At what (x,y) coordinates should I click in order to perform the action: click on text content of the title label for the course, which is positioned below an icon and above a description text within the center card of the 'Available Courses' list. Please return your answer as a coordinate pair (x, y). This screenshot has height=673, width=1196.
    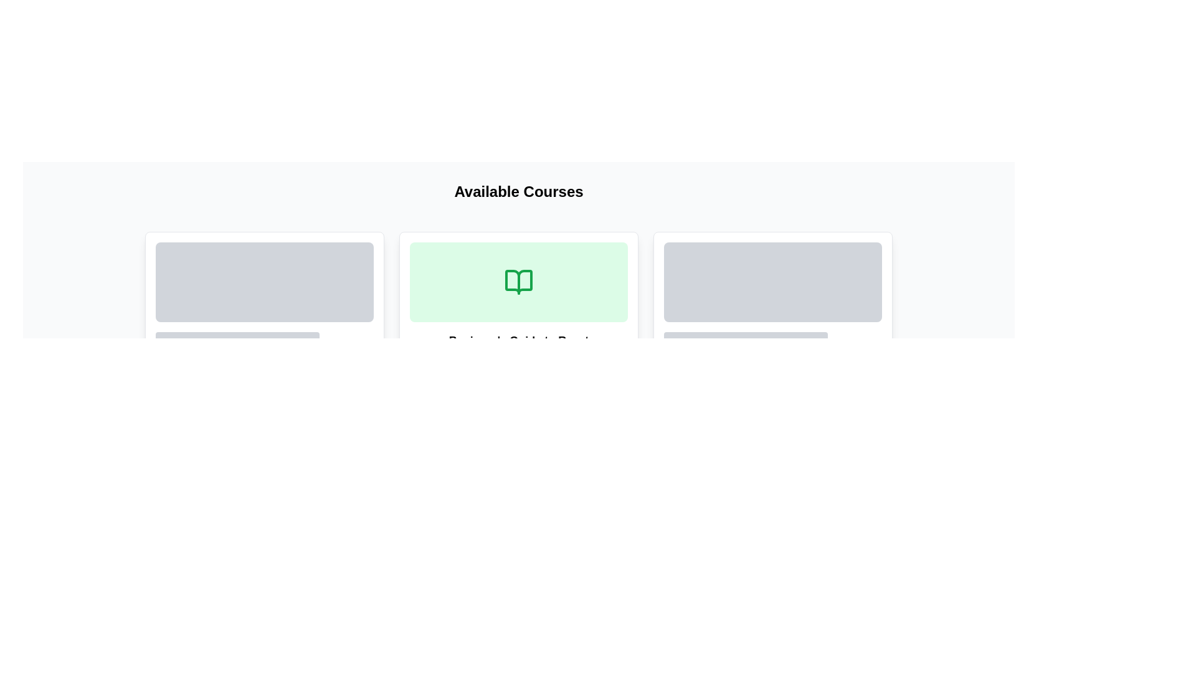
    Looking at the image, I should click on (519, 341).